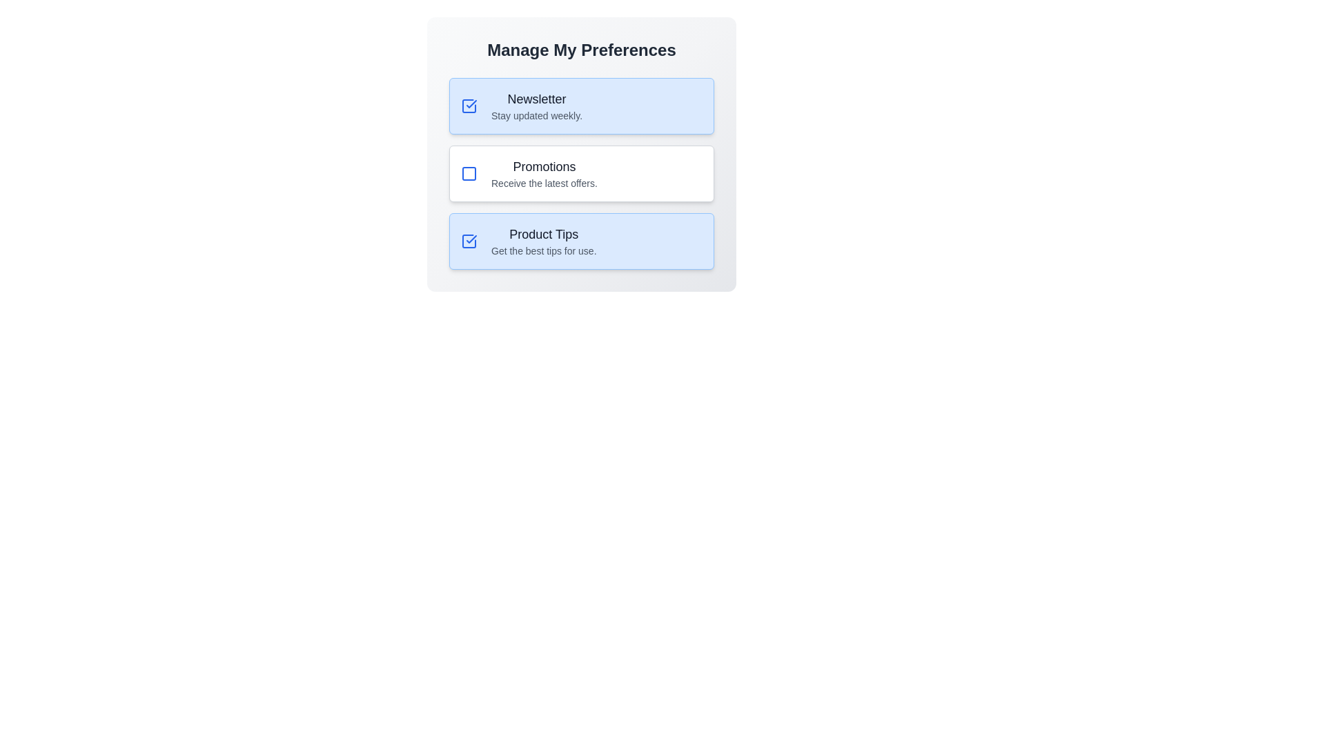  I want to click on the 'Promotions' text label which serves as a heading for the preference selection related to receiving promotional offers, so click(543, 166).